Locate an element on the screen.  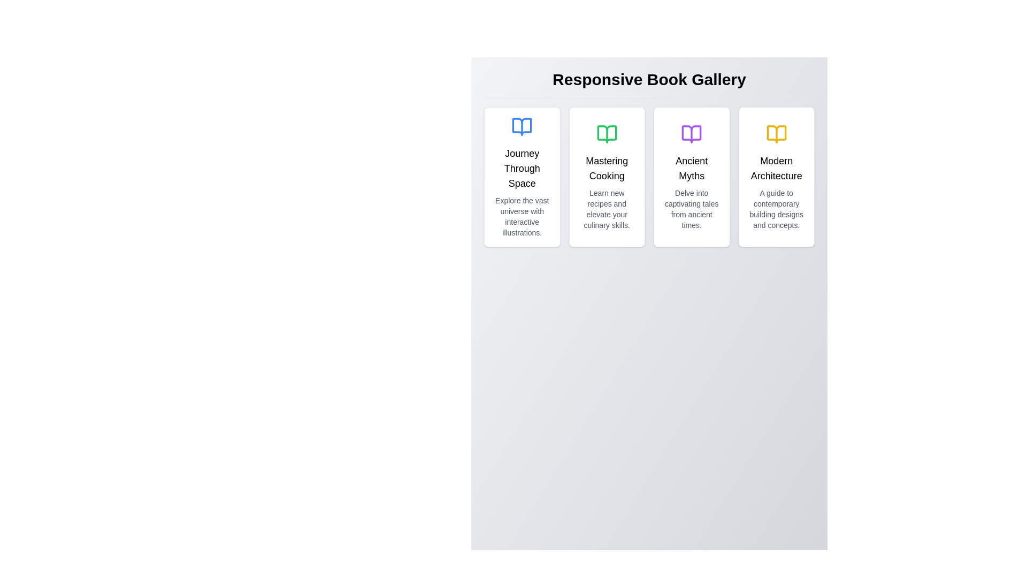
the green open book icon located in the 'Mastering Cooking' card is located at coordinates (607, 133).